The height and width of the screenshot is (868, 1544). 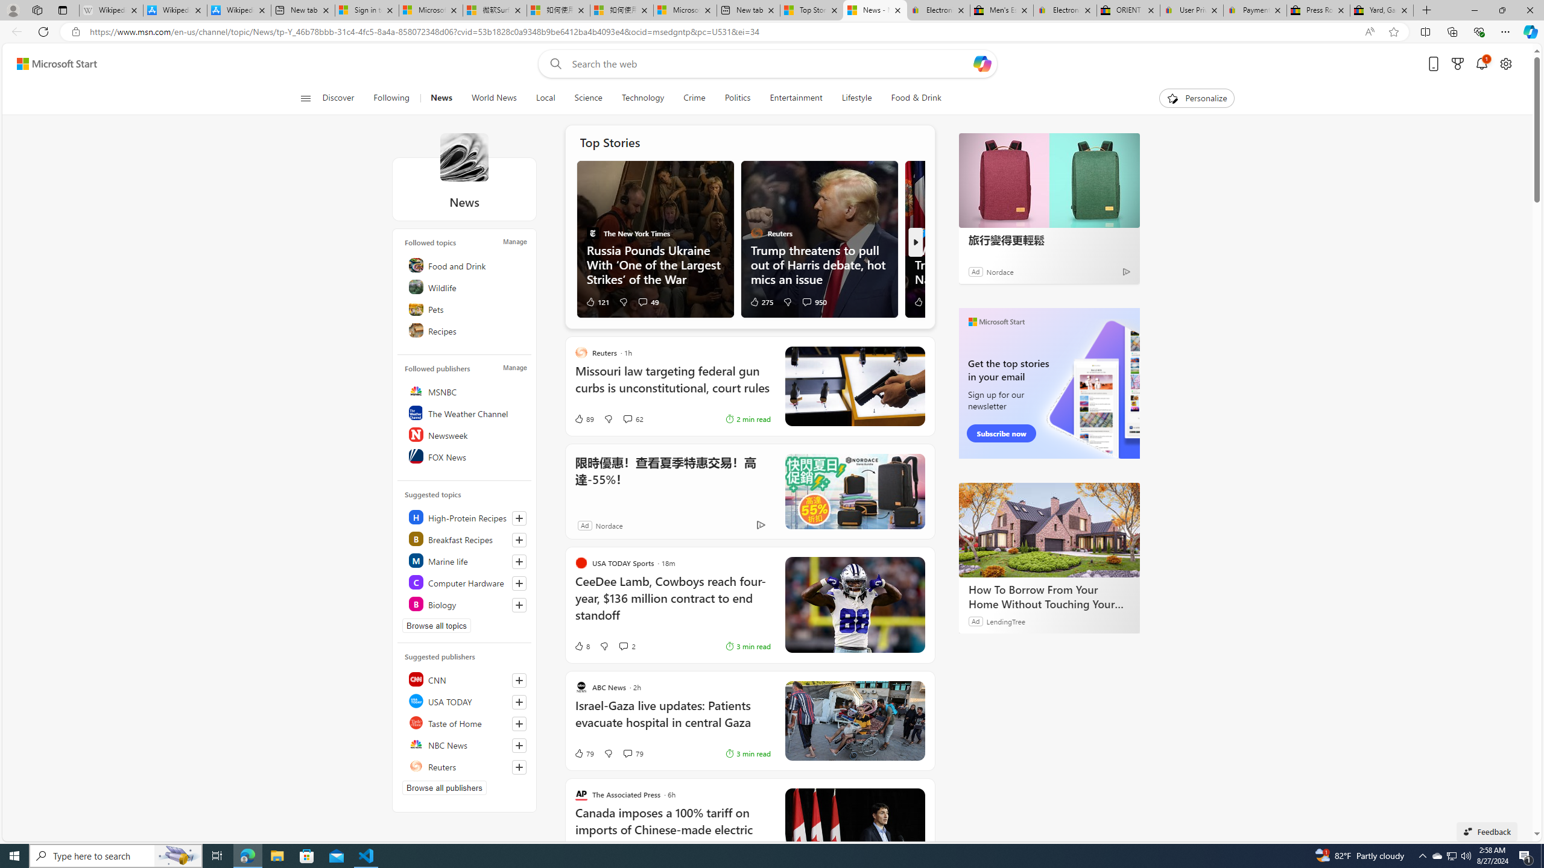 What do you see at coordinates (587, 98) in the screenshot?
I see `'Science'` at bounding box center [587, 98].